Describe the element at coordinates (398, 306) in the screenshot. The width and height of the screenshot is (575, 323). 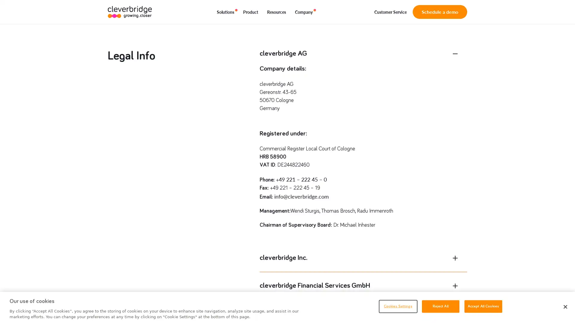
I see `Cookies Settings` at that location.